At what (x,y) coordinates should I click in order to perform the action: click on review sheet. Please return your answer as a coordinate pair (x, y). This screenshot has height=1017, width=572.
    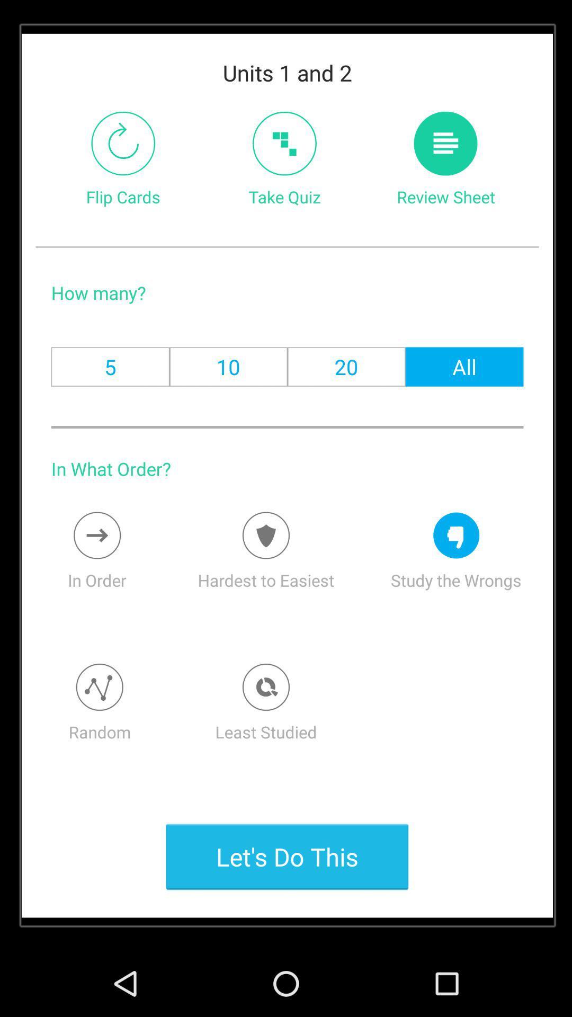
    Looking at the image, I should click on (445, 143).